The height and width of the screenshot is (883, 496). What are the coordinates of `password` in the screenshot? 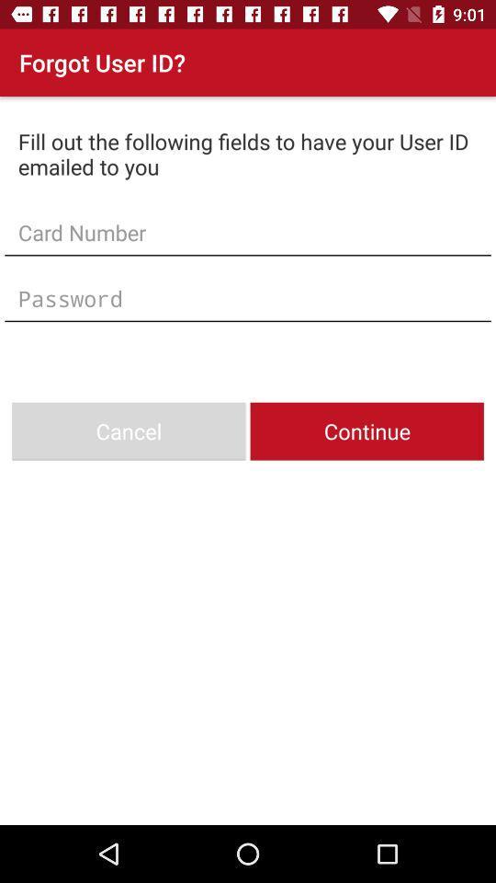 It's located at (248, 298).